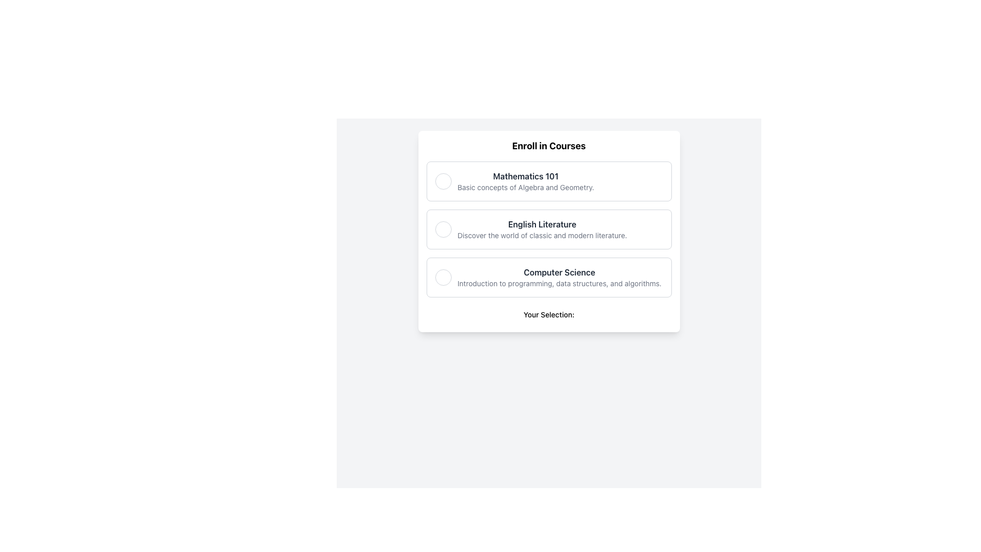 The width and height of the screenshot is (981, 552). I want to click on the non-interactive text label displaying the title and brief description of the course 'Mathematics 101', located at the top of a vertically ordered list of course titles, so click(526, 180).